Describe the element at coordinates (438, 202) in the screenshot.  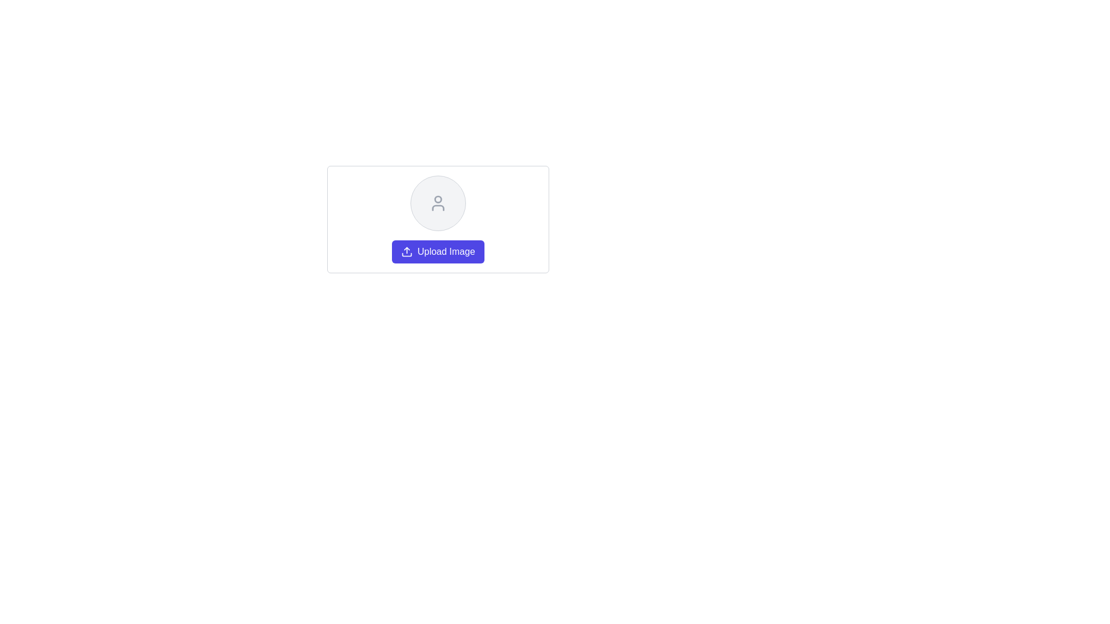
I see `the user icon element, which is represented by a minimalistic gray figure of a person's head and shoulders, located above the 'Upload Image' button` at that location.